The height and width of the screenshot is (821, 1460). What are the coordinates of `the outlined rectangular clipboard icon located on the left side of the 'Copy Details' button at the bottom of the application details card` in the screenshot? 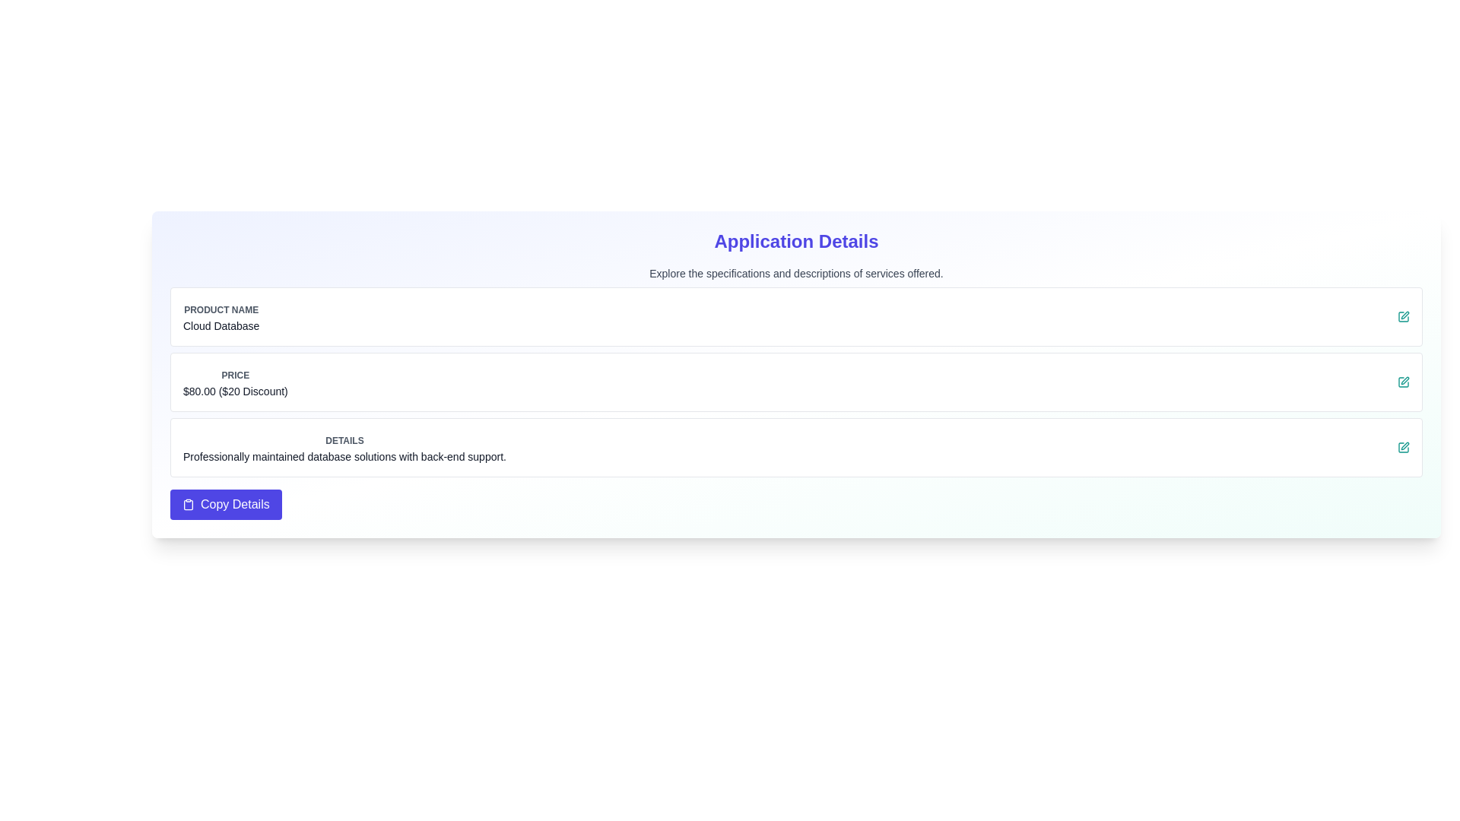 It's located at (188, 504).